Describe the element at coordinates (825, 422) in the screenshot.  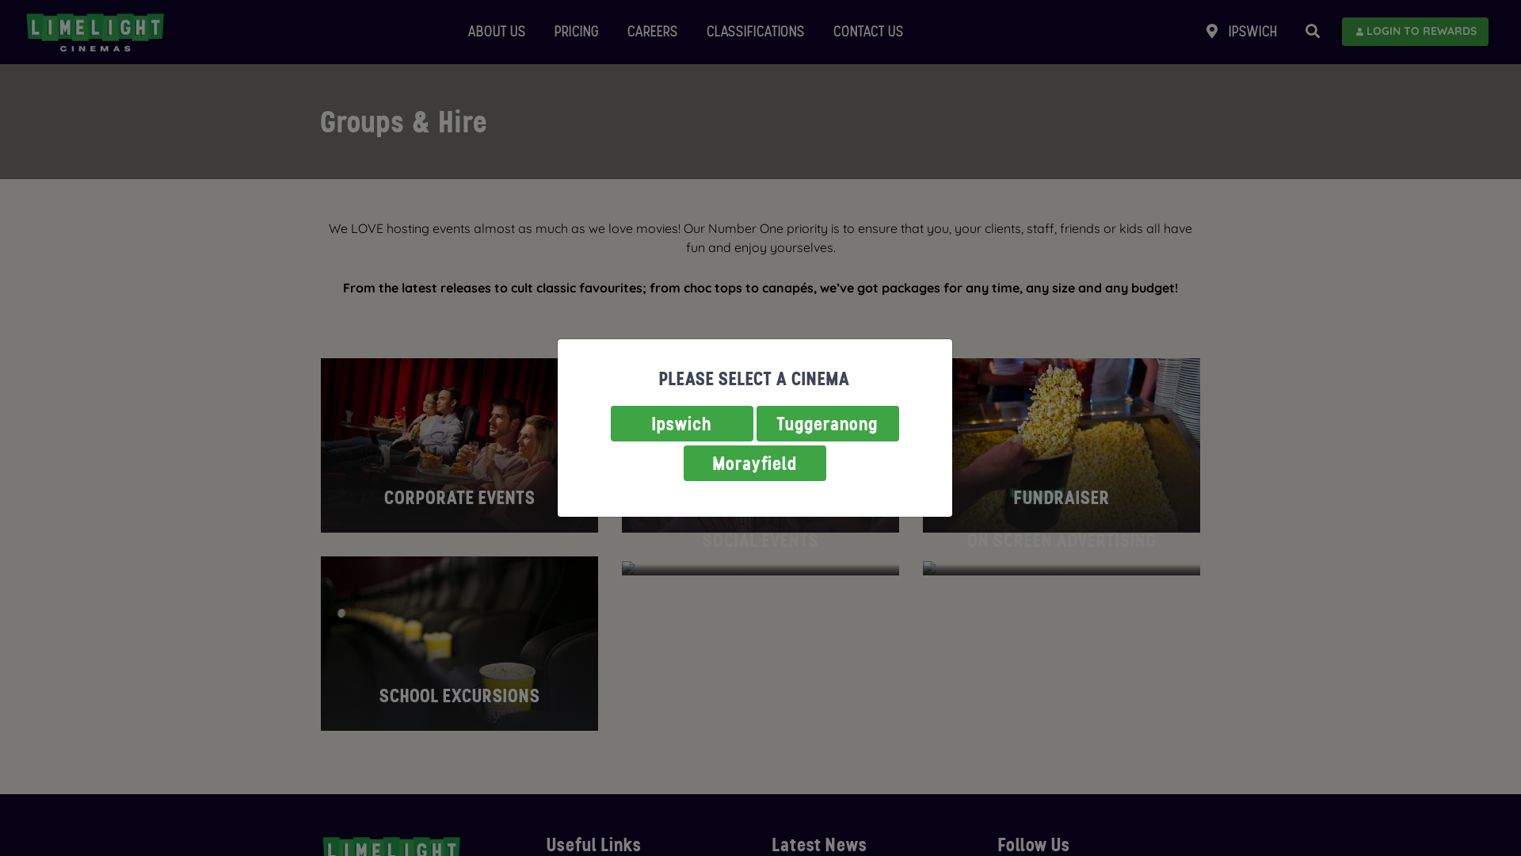
I see `'Tuggeranong'` at that location.